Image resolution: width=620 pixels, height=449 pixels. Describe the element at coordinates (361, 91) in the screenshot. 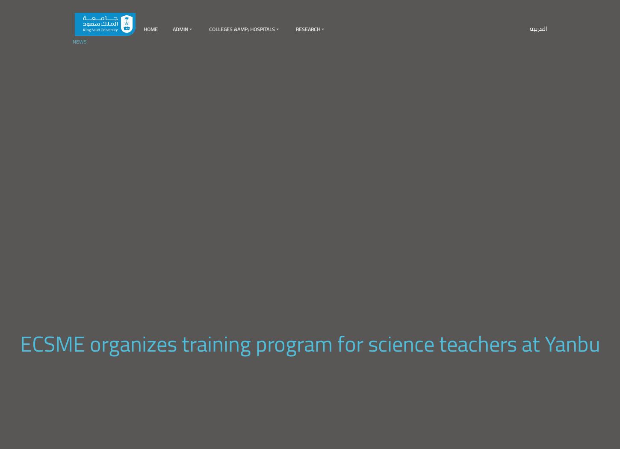

I see `'Raytheon Chair for Systems Engineering'` at that location.